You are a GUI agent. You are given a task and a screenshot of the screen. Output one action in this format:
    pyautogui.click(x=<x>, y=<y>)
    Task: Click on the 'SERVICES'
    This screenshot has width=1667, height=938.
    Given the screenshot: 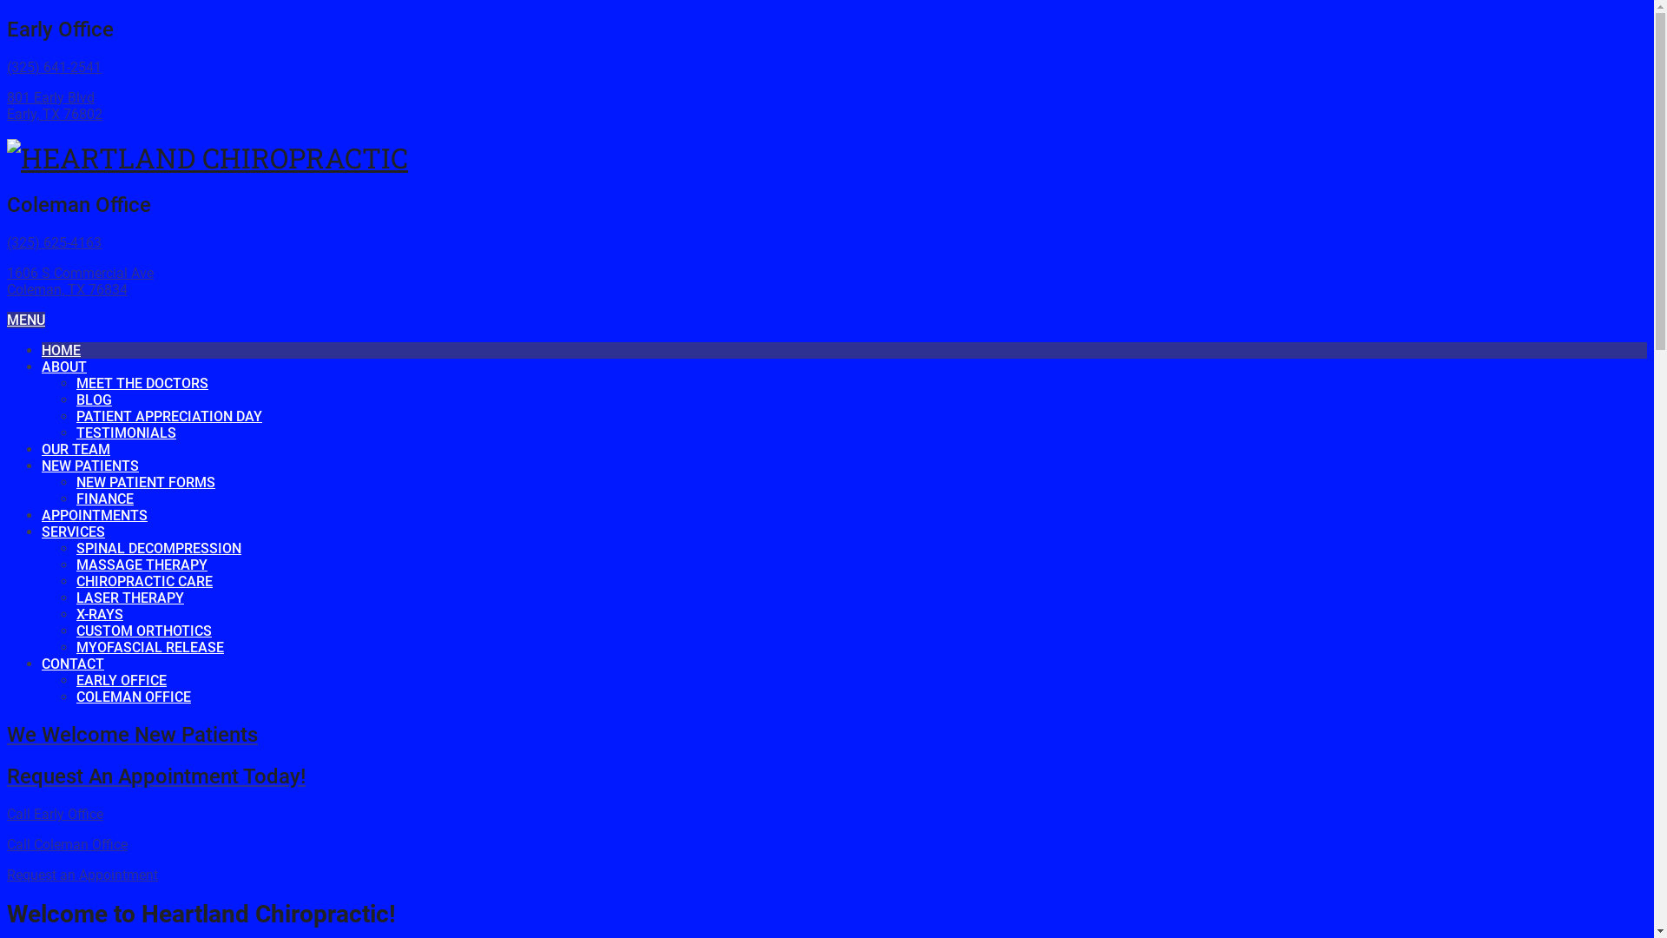 What is the action you would take?
    pyautogui.click(x=72, y=531)
    